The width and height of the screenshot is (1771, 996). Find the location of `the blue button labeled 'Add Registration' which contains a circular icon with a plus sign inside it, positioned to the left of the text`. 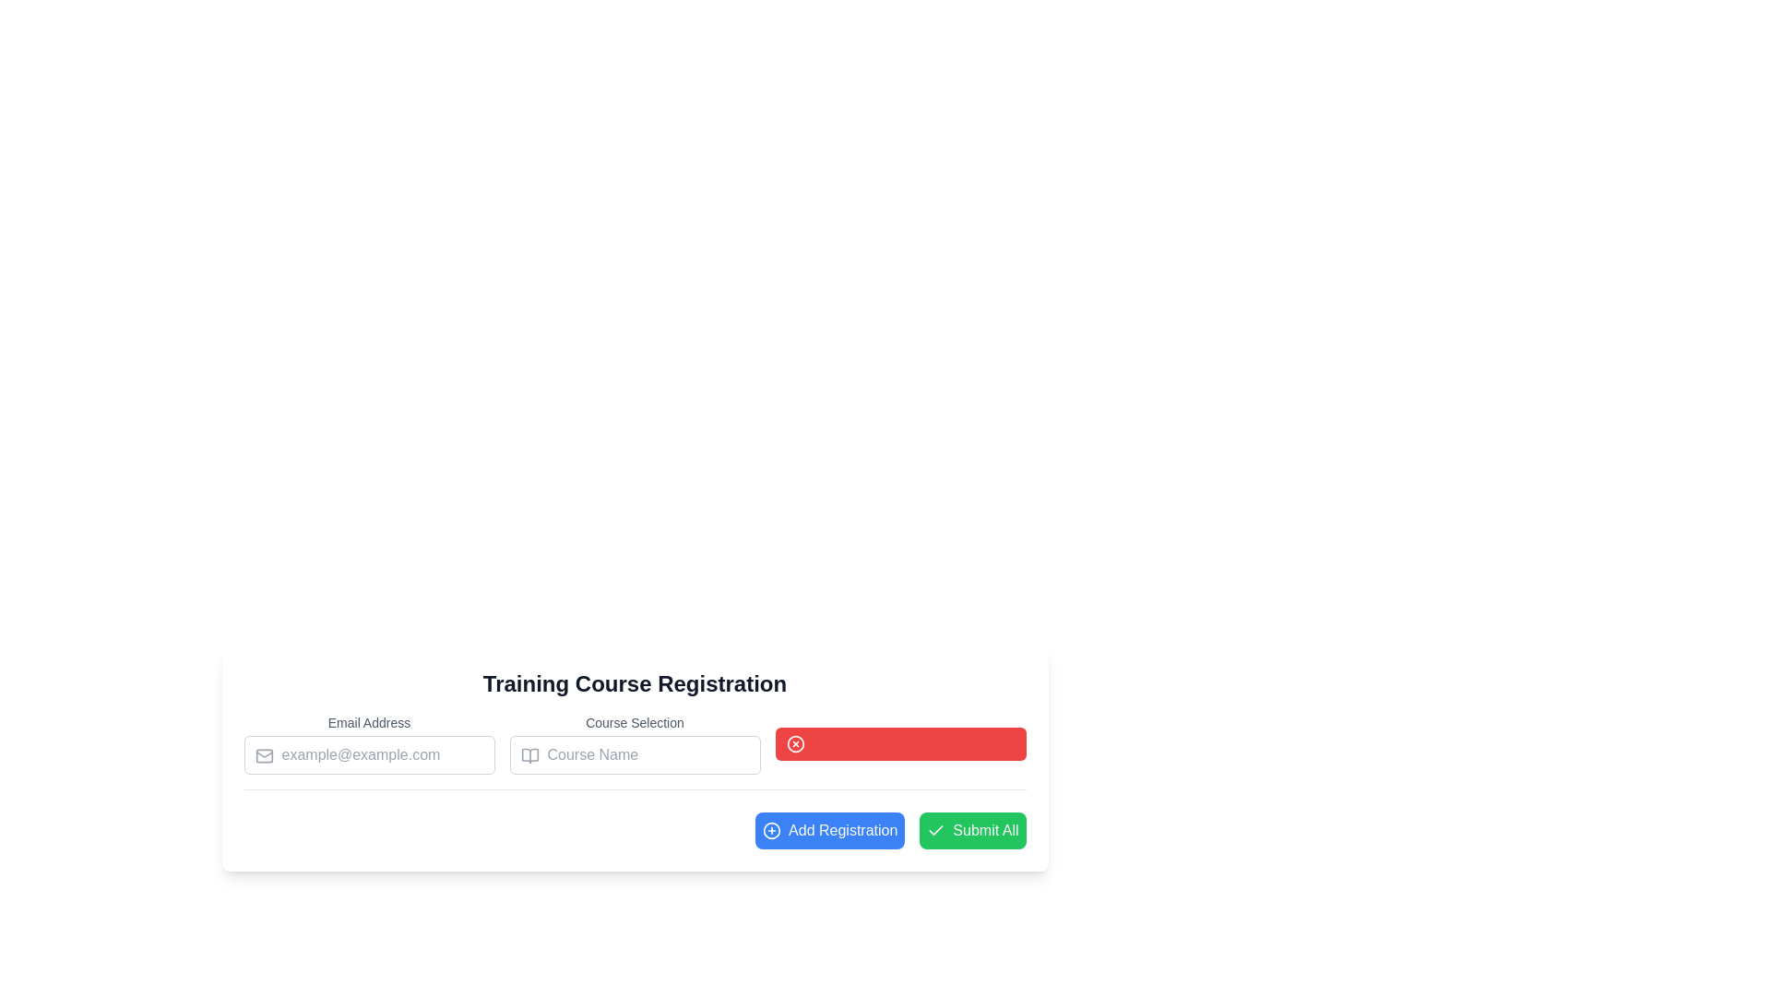

the blue button labeled 'Add Registration' which contains a circular icon with a plus sign inside it, positioned to the left of the text is located at coordinates (772, 831).